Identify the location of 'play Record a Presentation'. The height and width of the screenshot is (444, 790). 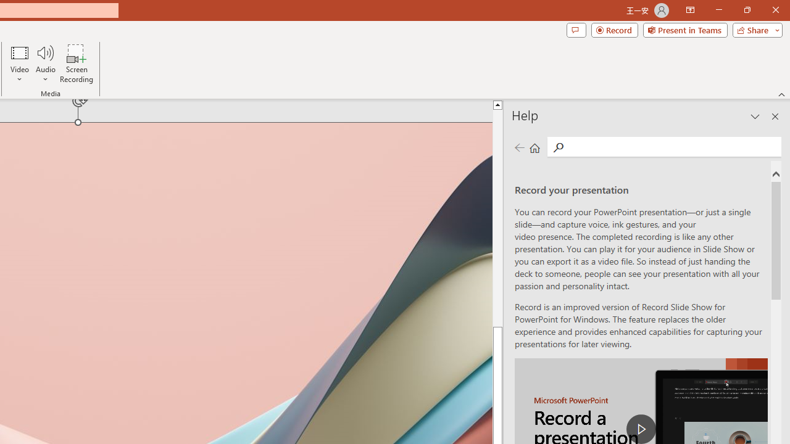
(641, 428).